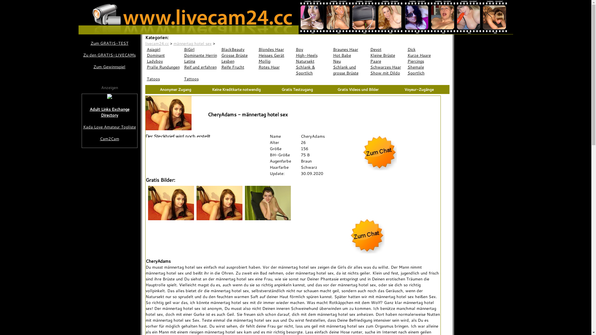 The width and height of the screenshot is (596, 335). I want to click on 'Sportlich', so click(424, 73).